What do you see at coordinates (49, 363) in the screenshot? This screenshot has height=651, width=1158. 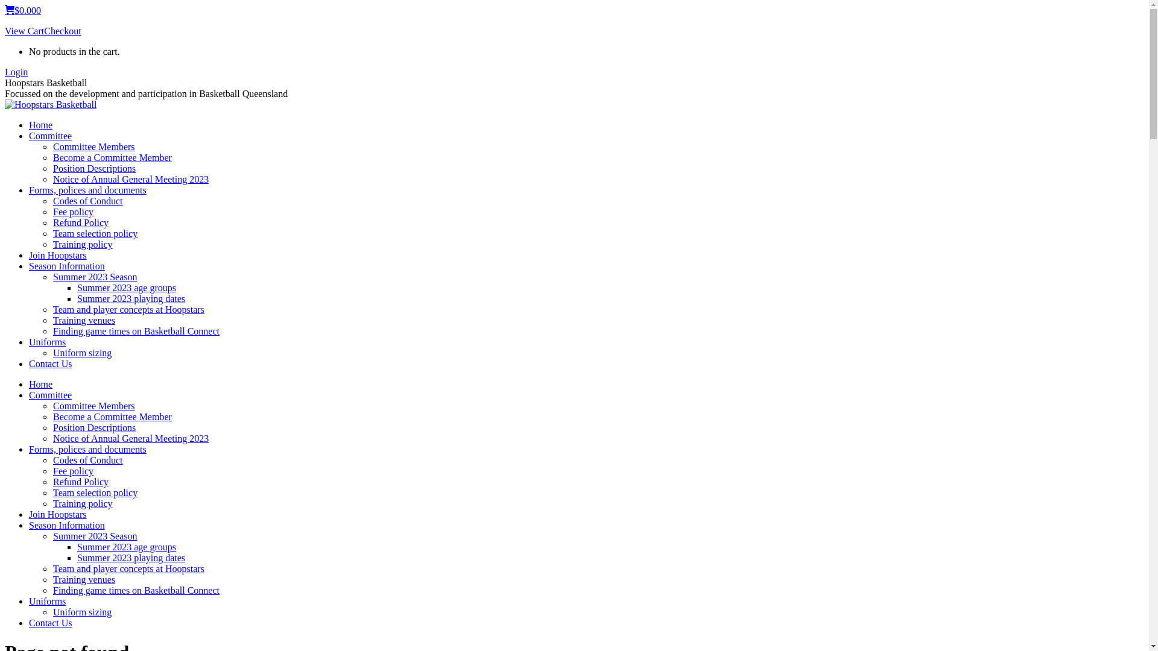 I see `'Contact Us'` at bounding box center [49, 363].